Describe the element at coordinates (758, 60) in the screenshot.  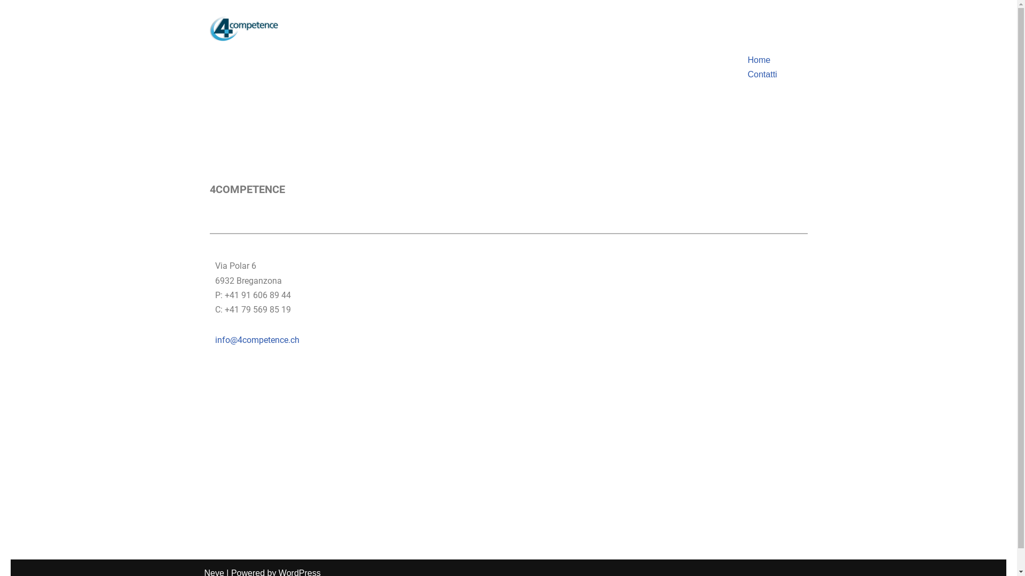
I see `'Home'` at that location.